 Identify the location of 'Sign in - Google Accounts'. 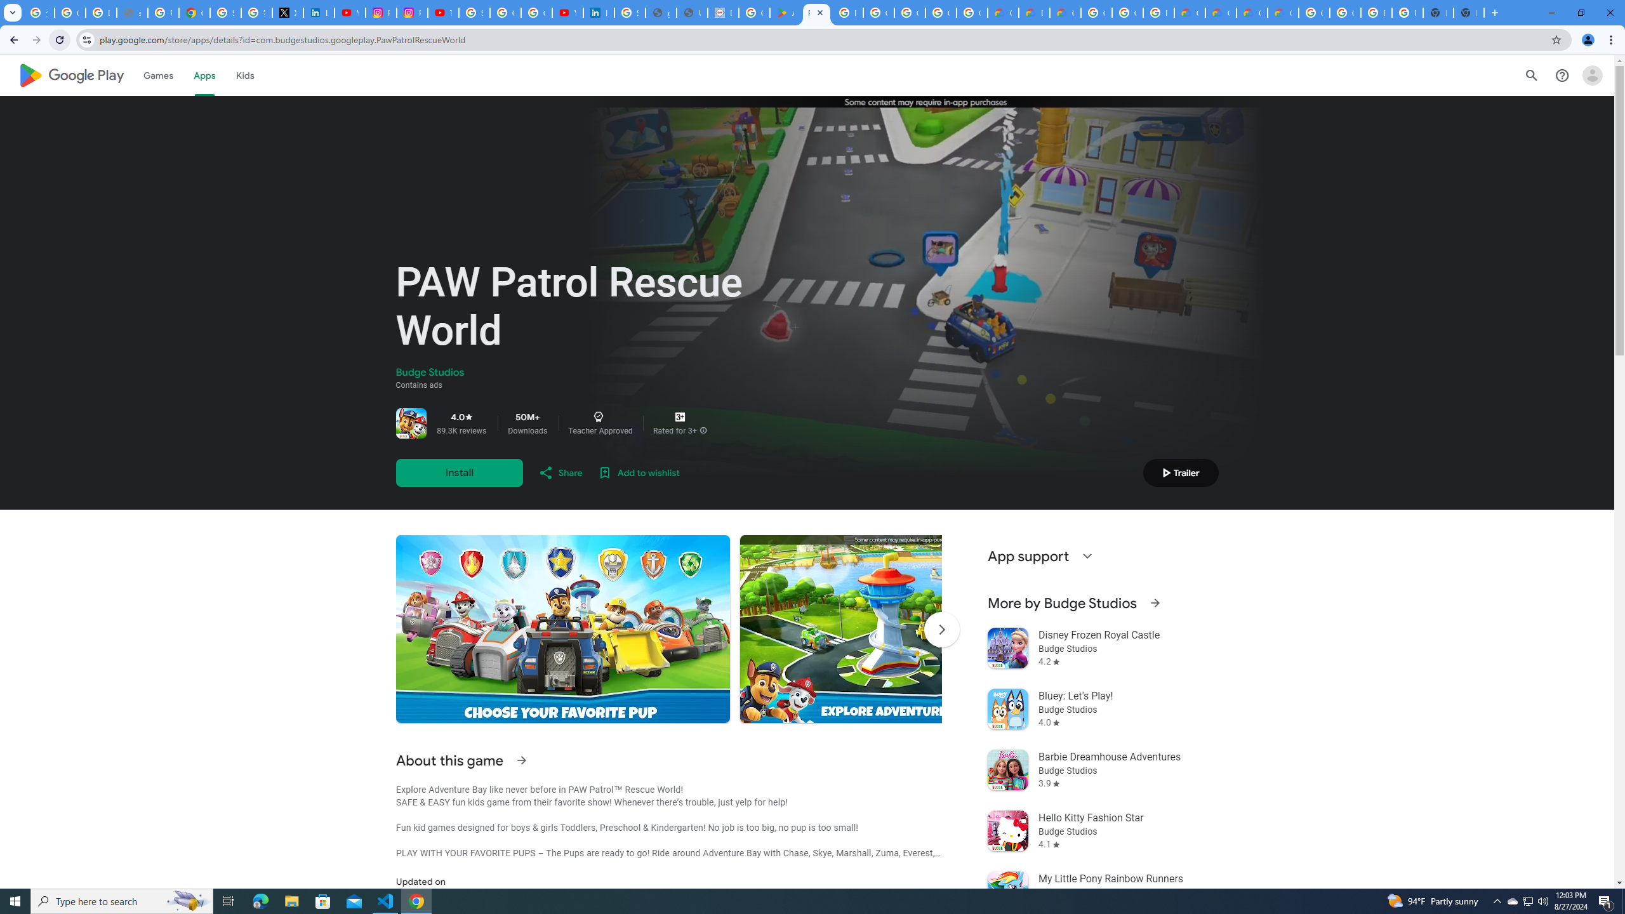
(225, 12).